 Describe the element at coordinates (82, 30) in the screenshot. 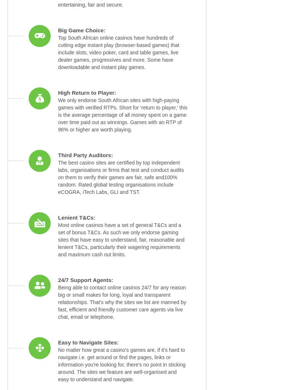

I see `'Big Game Choice:'` at that location.